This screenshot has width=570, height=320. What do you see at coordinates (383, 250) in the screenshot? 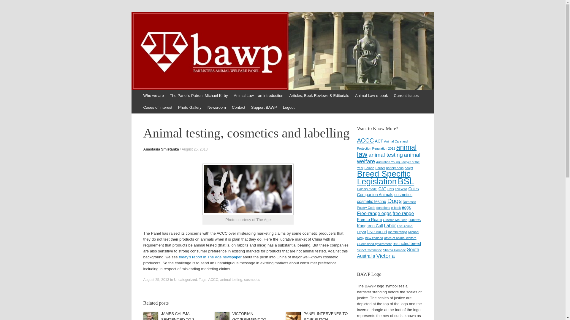
I see `'Shatha Hamade'` at bounding box center [383, 250].